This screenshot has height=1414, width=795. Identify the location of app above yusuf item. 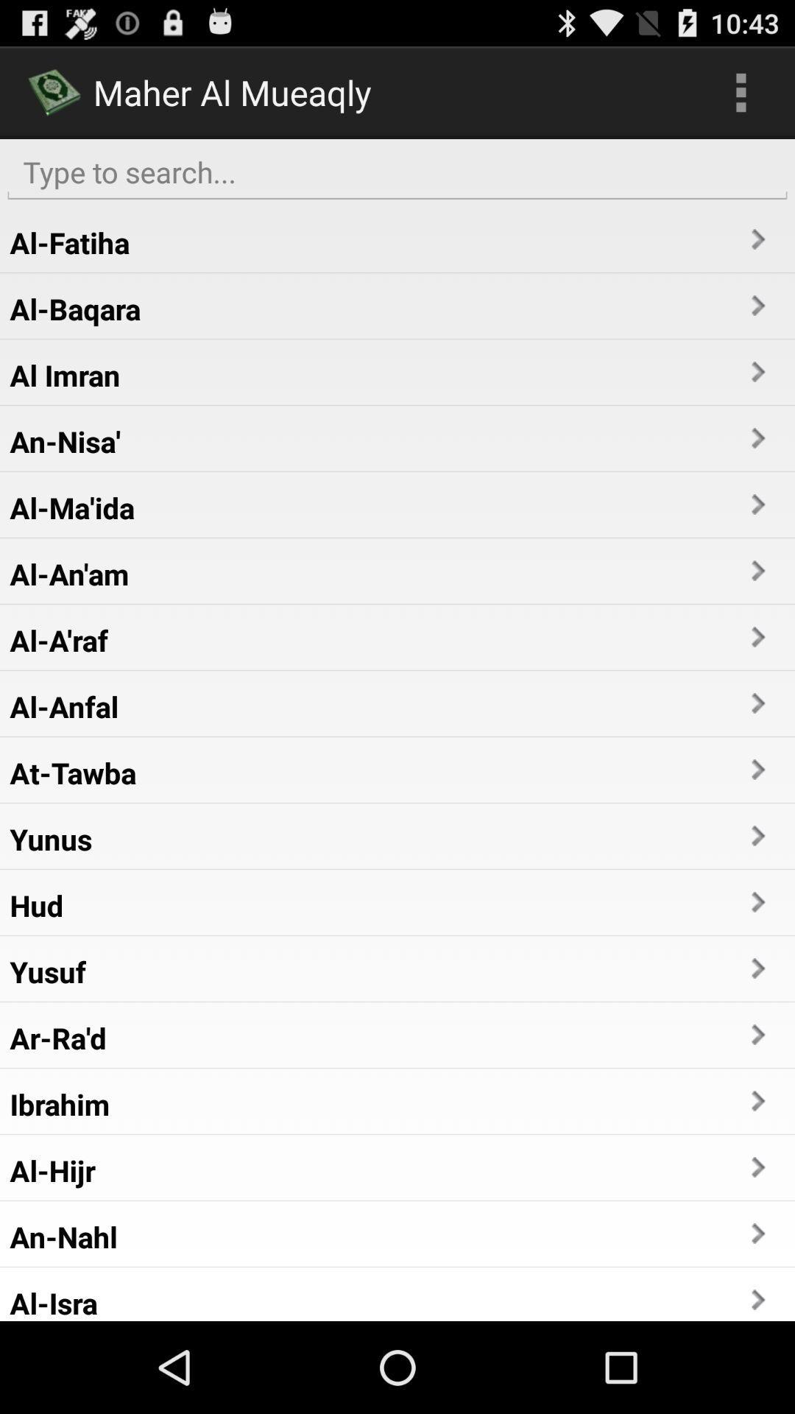
(35, 904).